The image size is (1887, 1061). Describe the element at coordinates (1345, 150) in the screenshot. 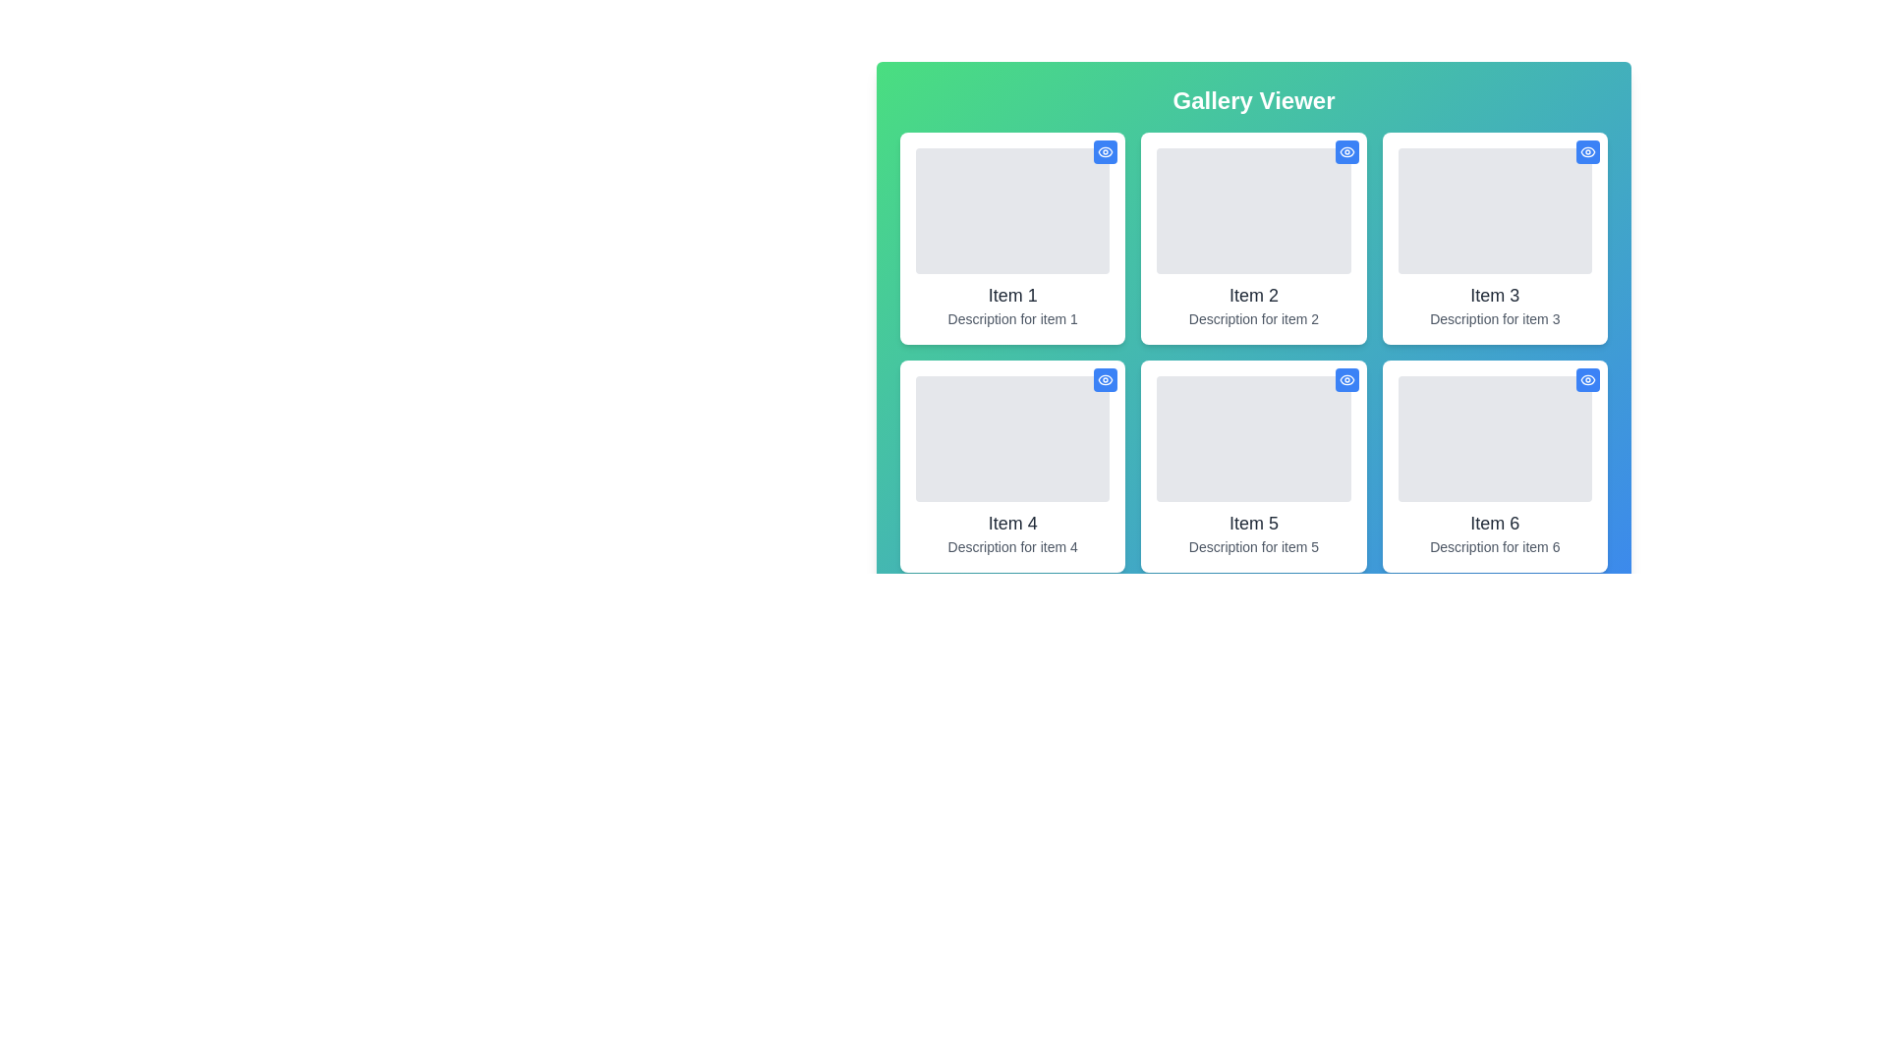

I see `the small rounded blue button with an eye icon located in the top-right corner of the 'Item 2' card` at that location.